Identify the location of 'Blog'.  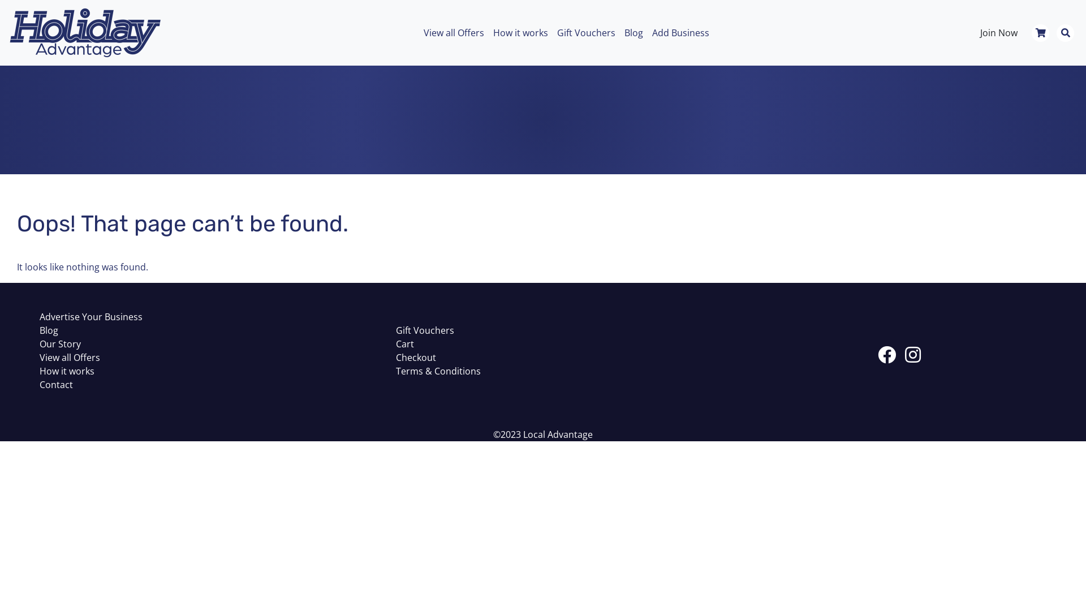
(48, 330).